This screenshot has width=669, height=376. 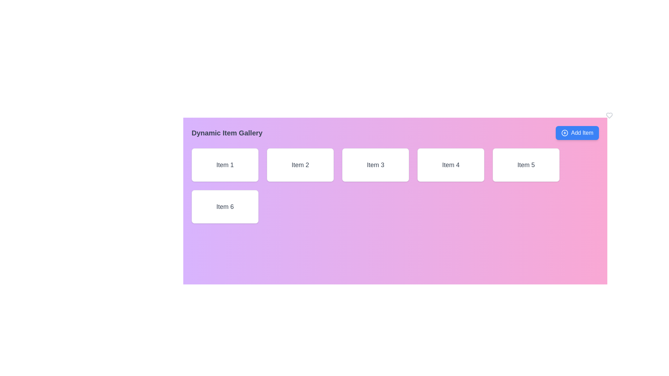 I want to click on text of the text label displaying 'Item 6', which is styled with a medium font size and gray color, located at the center of the sixth card in a vertical list of cards, so click(x=225, y=206).